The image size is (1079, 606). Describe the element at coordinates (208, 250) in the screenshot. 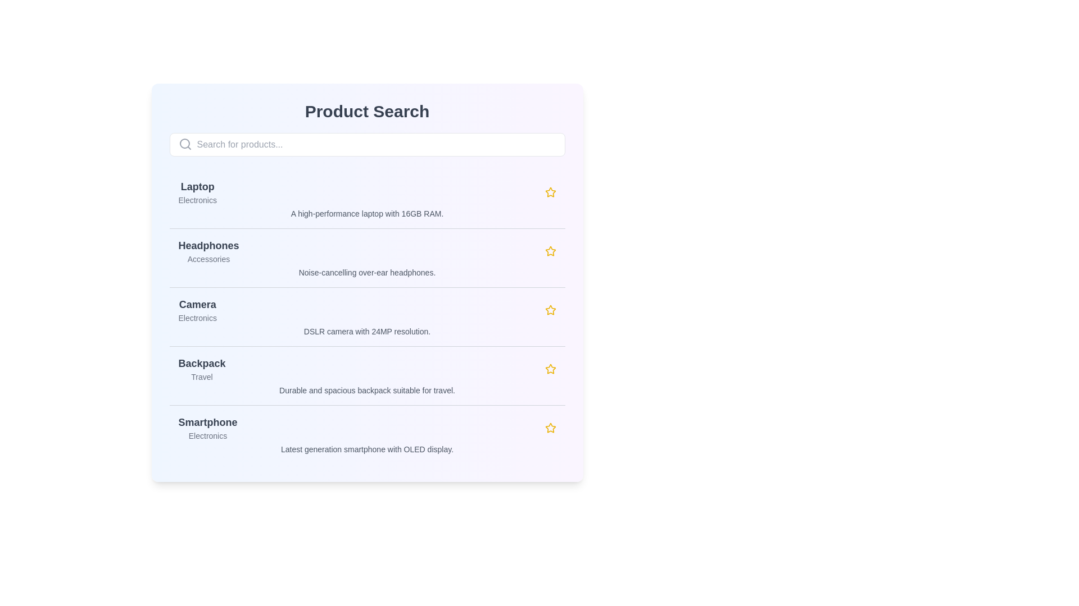

I see `the label element displaying 'Headphones' and 'Accessories'` at that location.